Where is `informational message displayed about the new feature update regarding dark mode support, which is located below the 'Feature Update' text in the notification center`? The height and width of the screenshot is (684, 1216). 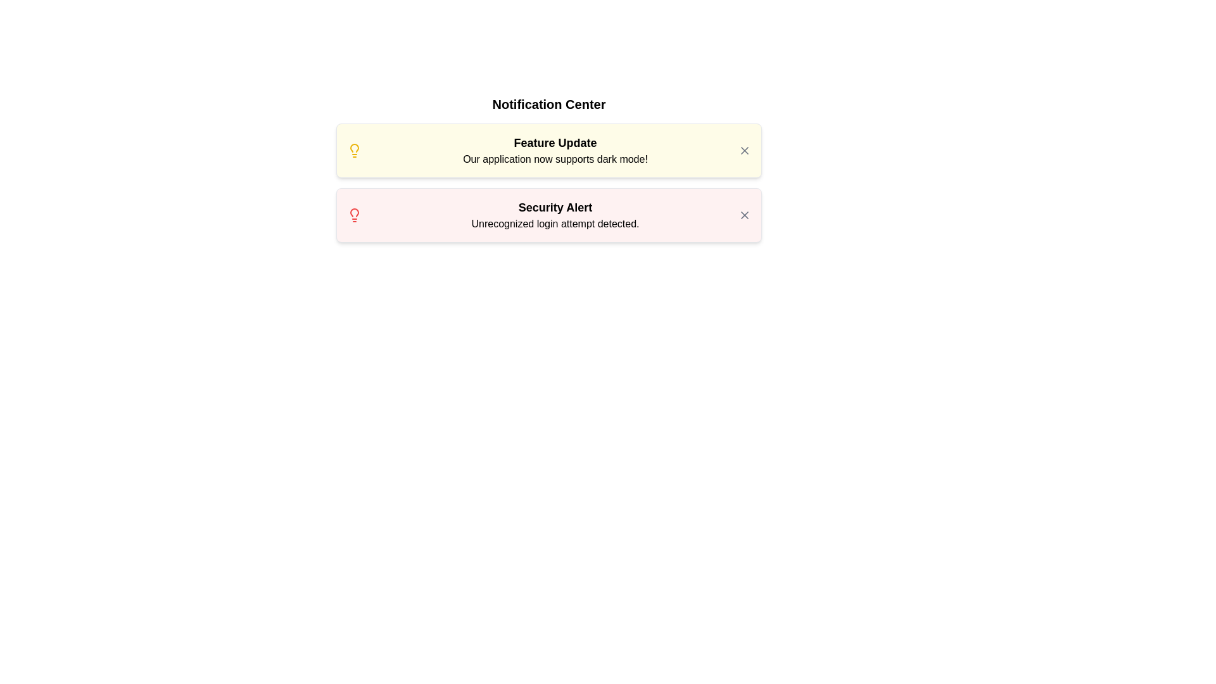 informational message displayed about the new feature update regarding dark mode support, which is located below the 'Feature Update' text in the notification center is located at coordinates (555, 158).